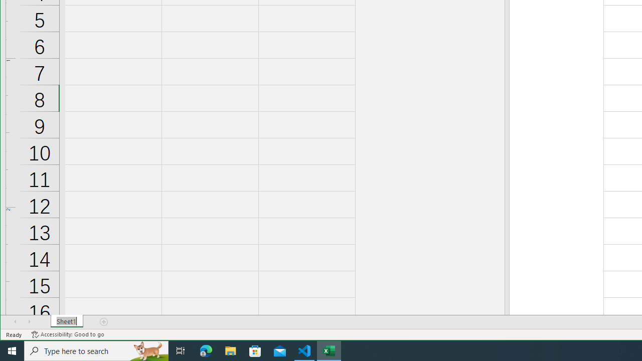 The height and width of the screenshot is (361, 642). What do you see at coordinates (180, 350) in the screenshot?
I see `'Task View'` at bounding box center [180, 350].